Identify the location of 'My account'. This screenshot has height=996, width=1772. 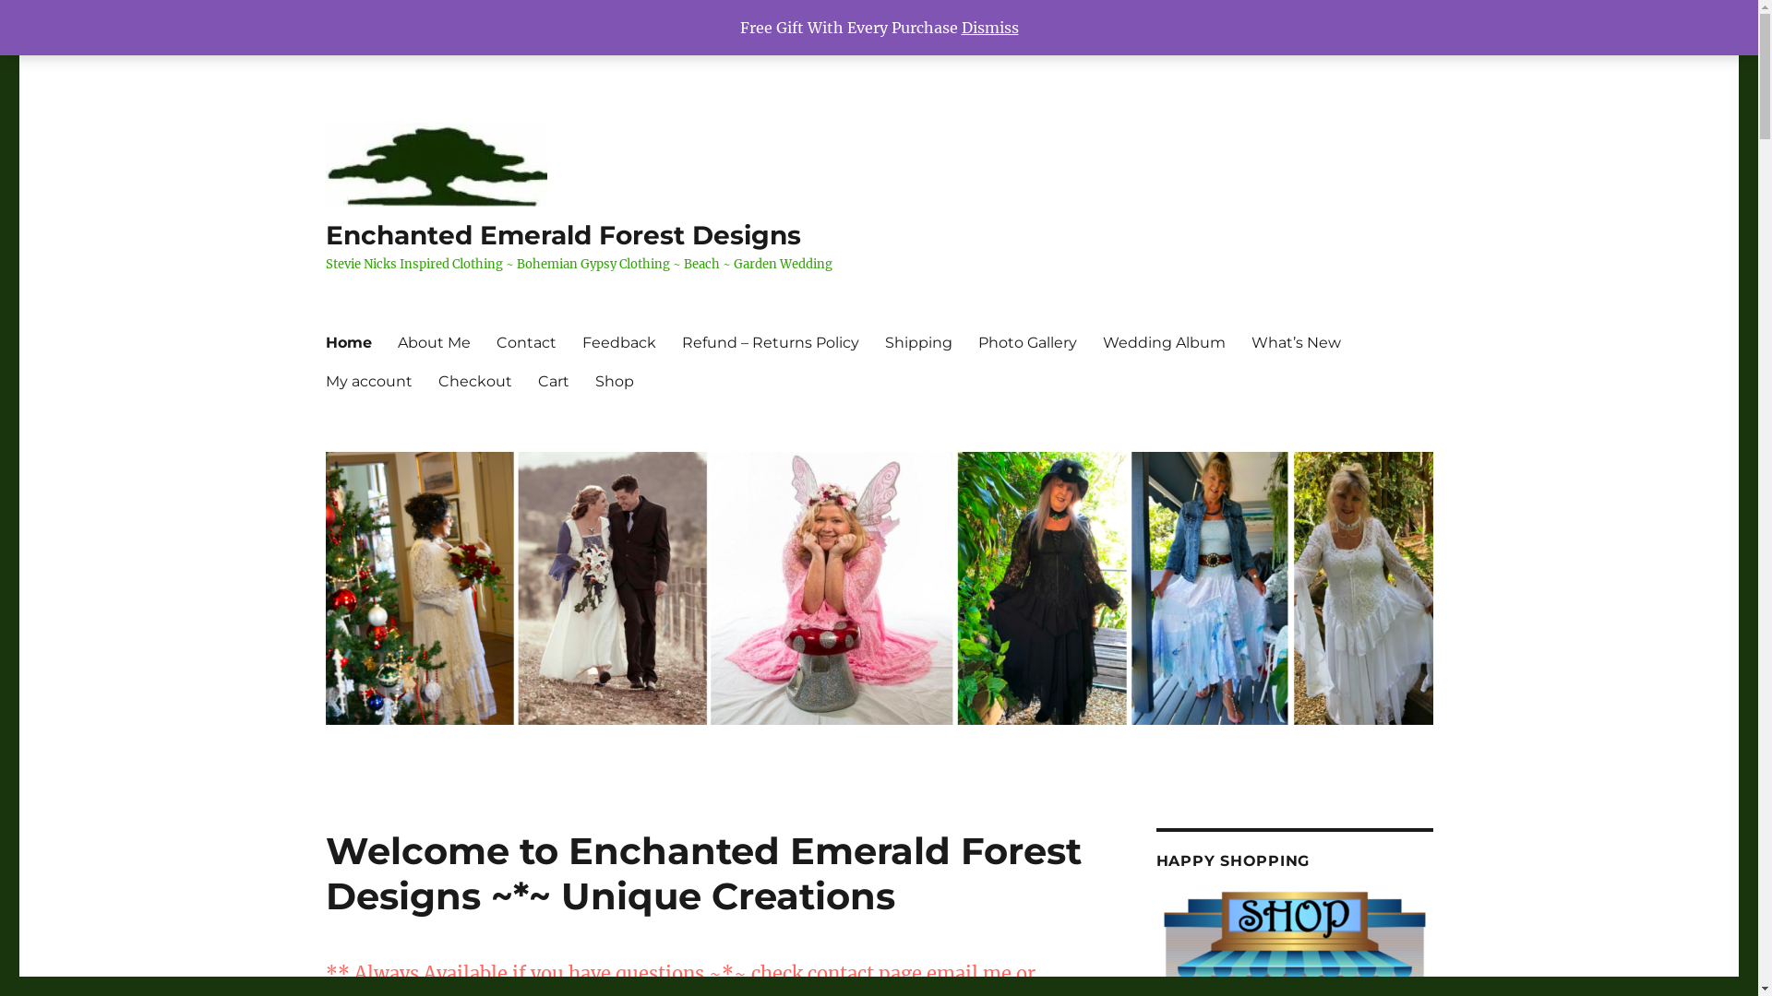
(367, 379).